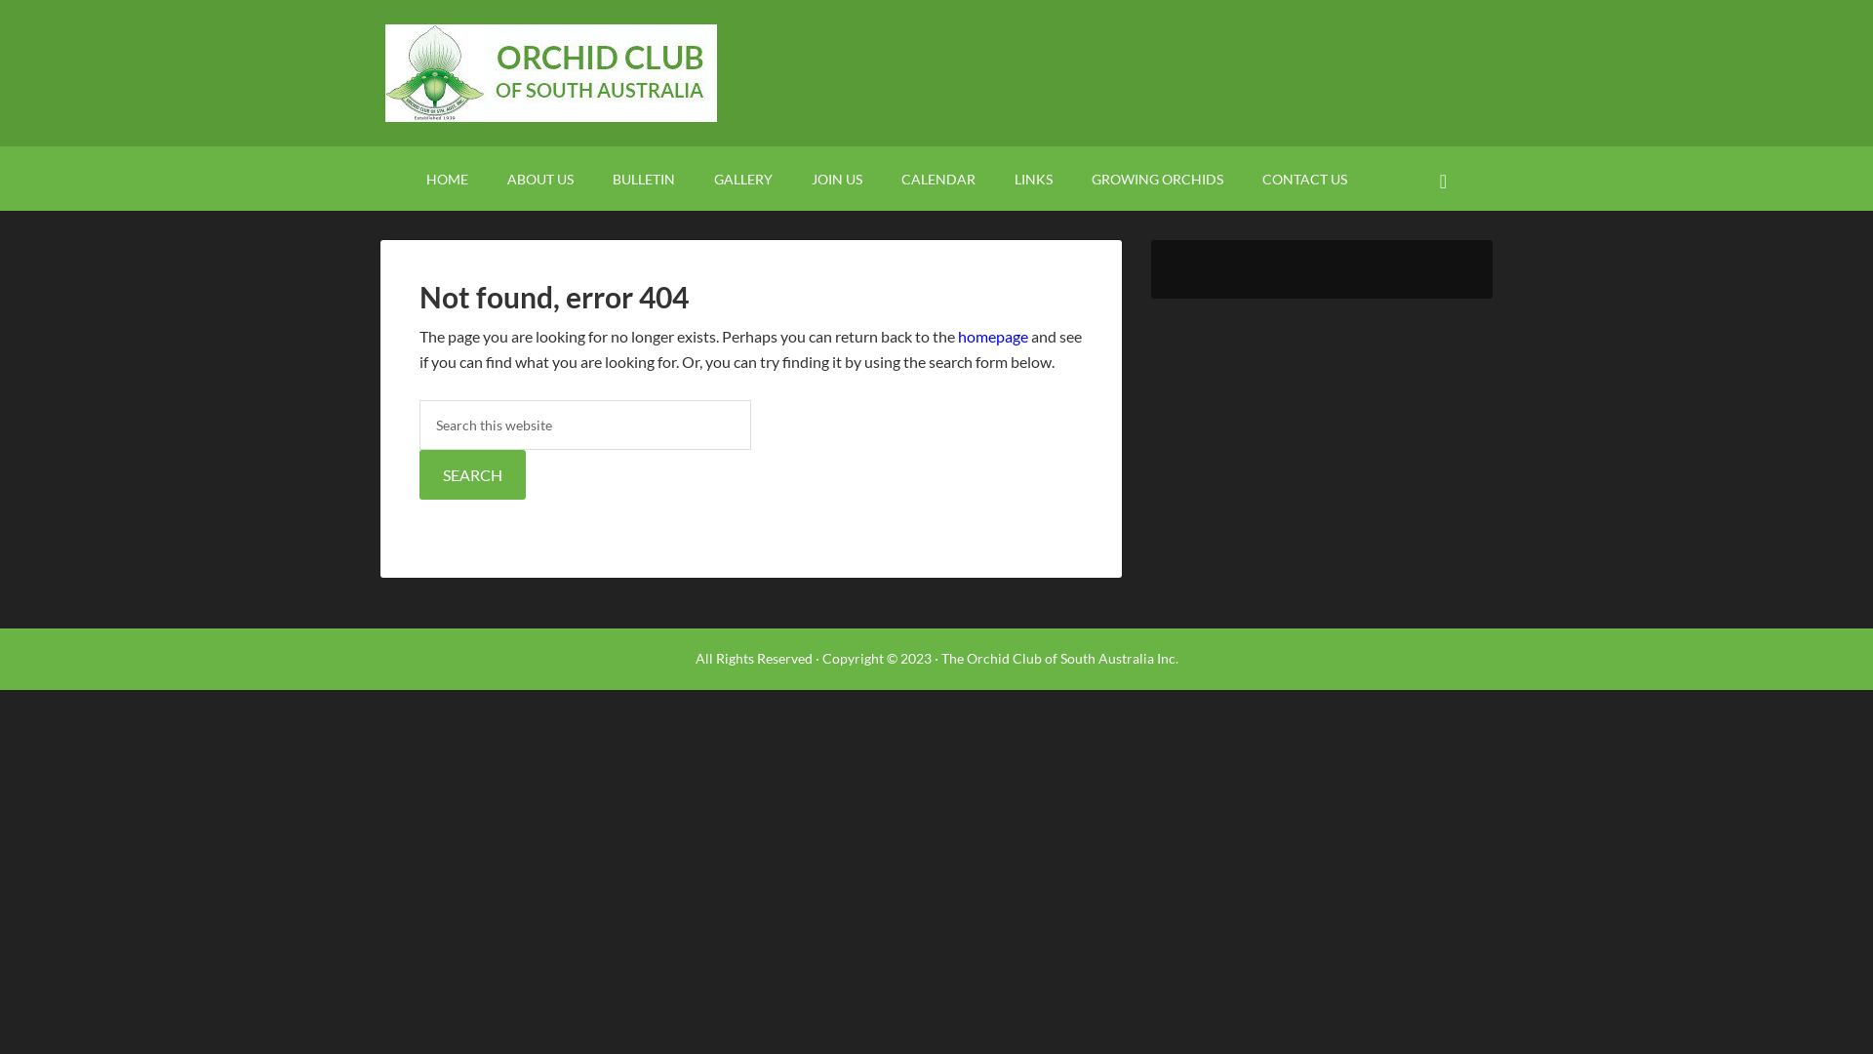  I want to click on 'ABOUT US', so click(539, 178).